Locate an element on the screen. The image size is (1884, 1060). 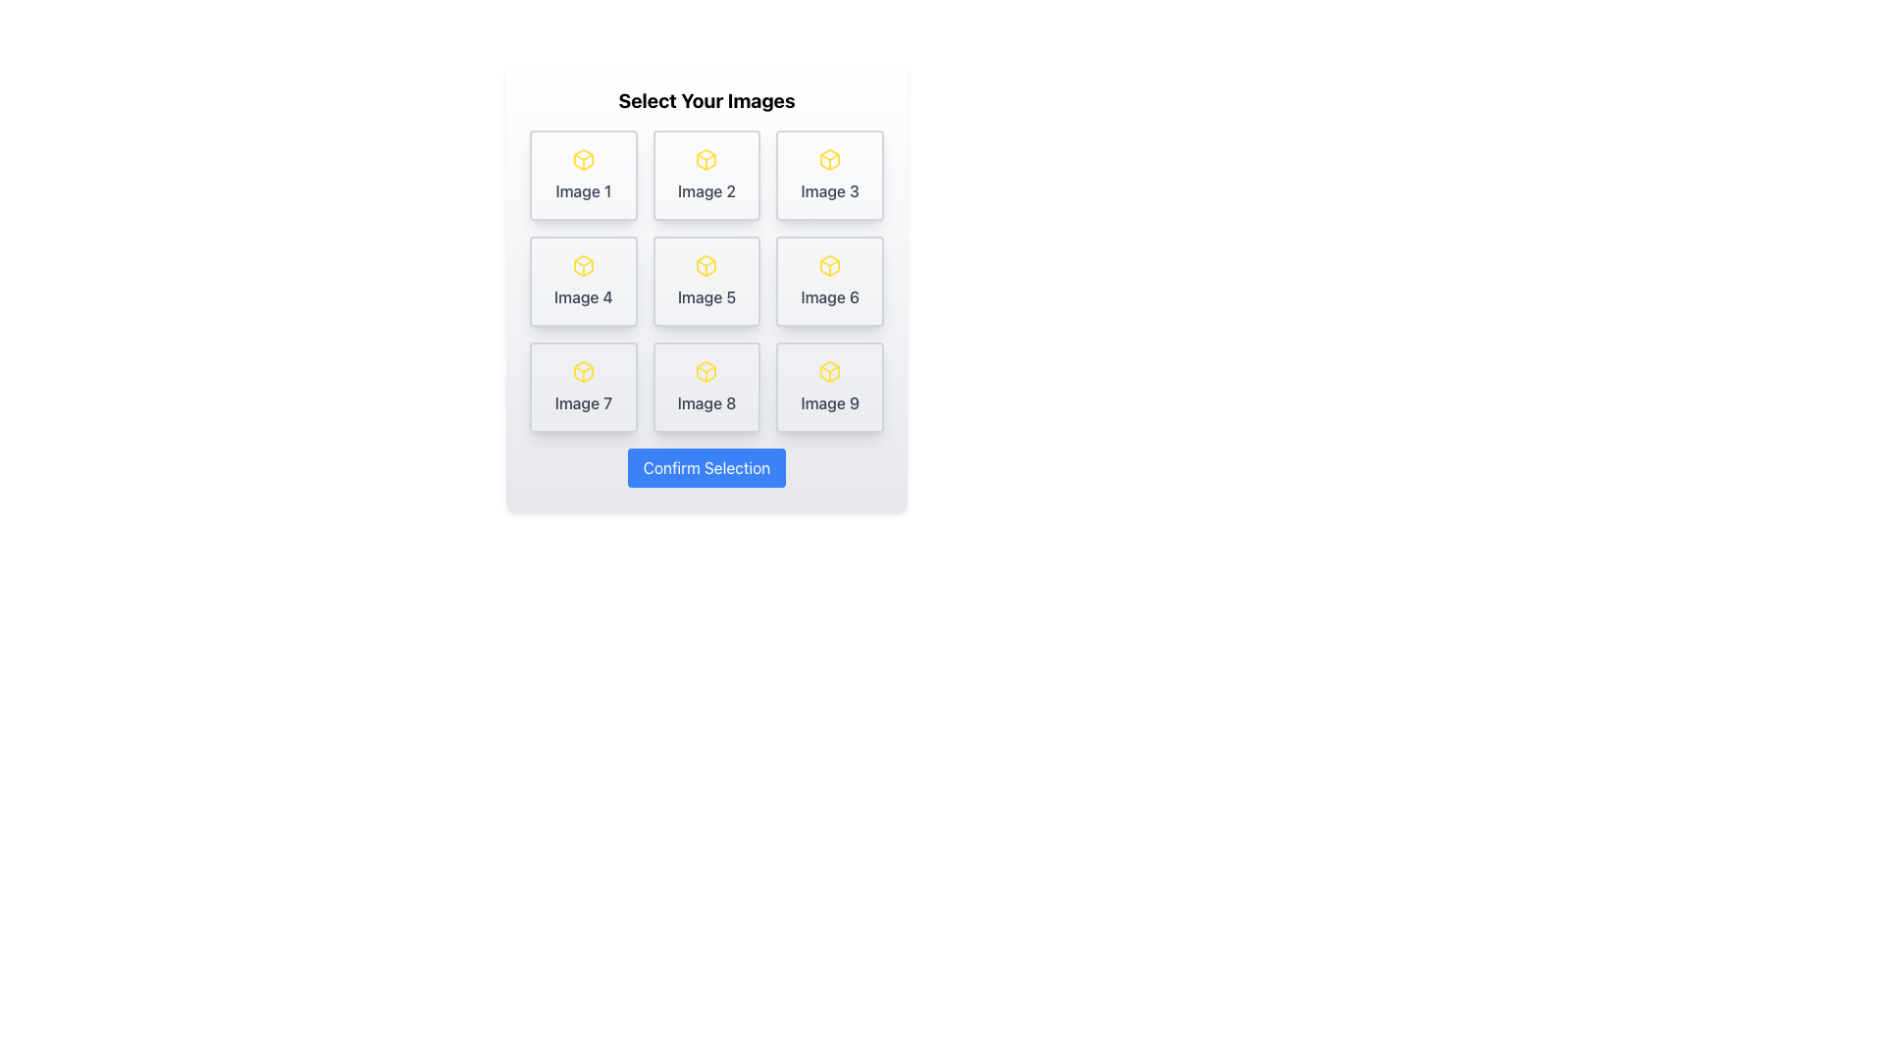
the decorative UI component located in the middle-right section of the grid layout, which is the second visual feature of the sixth icon in a 3x3 grid of icons representing images is located at coordinates (830, 262).